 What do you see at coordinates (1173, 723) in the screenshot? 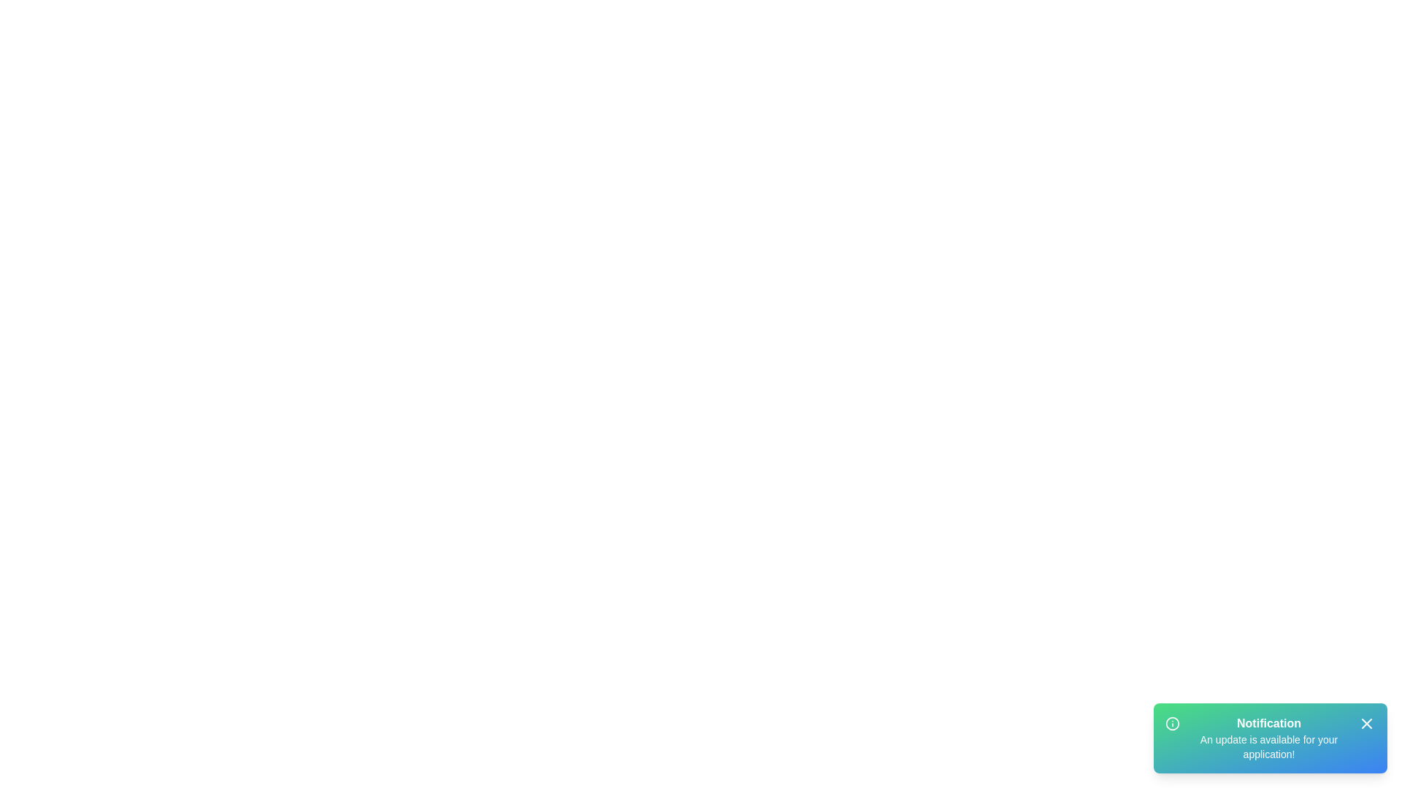
I see `the information icon to inspect it` at bounding box center [1173, 723].